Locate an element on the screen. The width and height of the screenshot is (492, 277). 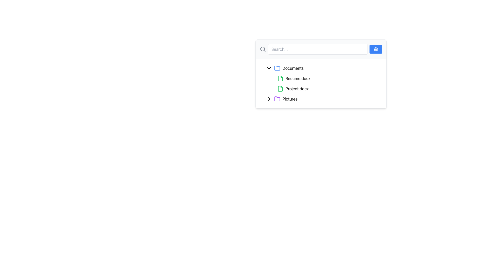
the visual representation of the green document icon with a folded top-right corner, located to the left of the text 'Resume.docx' is located at coordinates (280, 78).